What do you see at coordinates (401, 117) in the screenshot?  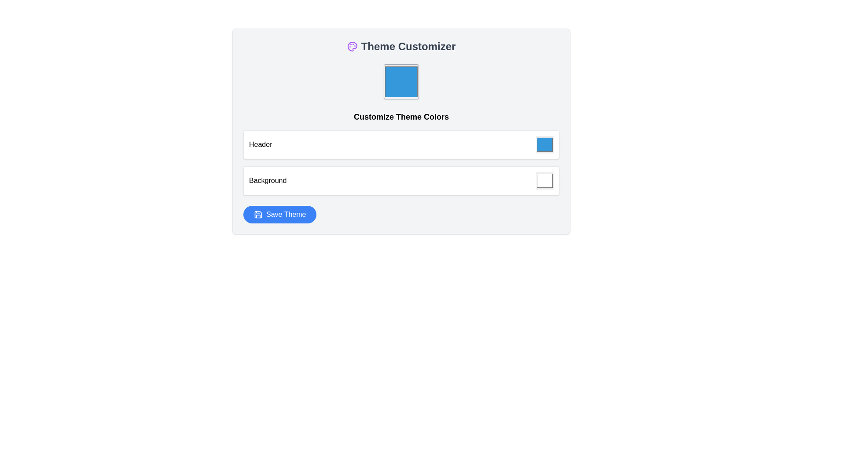 I see `the Text Label that serves as a descriptive section heading for theme color customization, positioned below the central square blue color preview` at bounding box center [401, 117].